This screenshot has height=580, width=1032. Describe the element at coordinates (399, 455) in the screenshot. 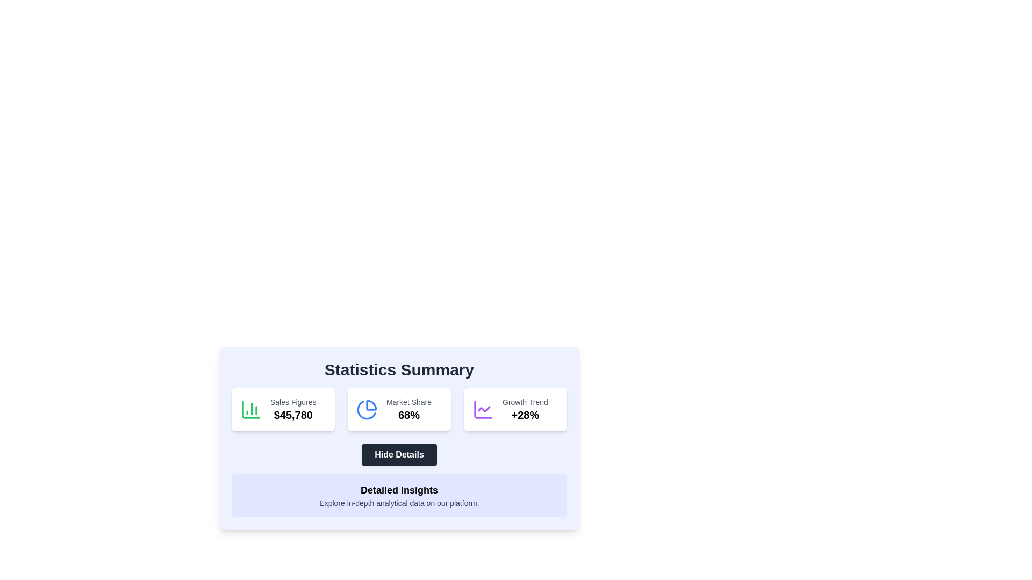

I see `the 'Hide Details' button, which is a rectangular button with bold white text on a dark gray background, positioned centrally below the statistical summaries` at that location.